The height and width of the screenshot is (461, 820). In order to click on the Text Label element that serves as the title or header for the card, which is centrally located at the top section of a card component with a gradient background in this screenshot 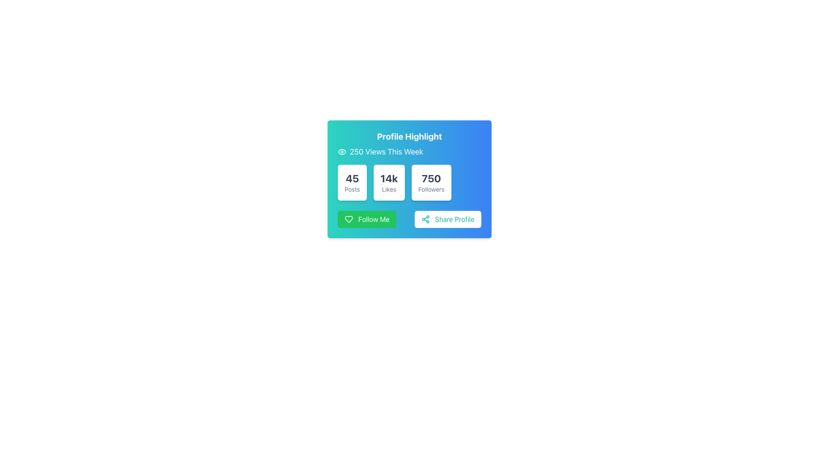, I will do `click(409, 136)`.